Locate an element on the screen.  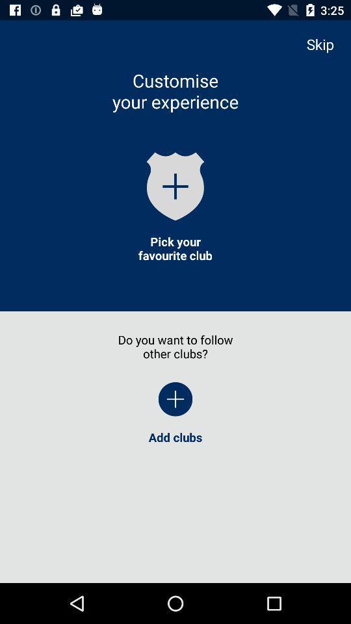
the pick your favourite item is located at coordinates (175, 248).